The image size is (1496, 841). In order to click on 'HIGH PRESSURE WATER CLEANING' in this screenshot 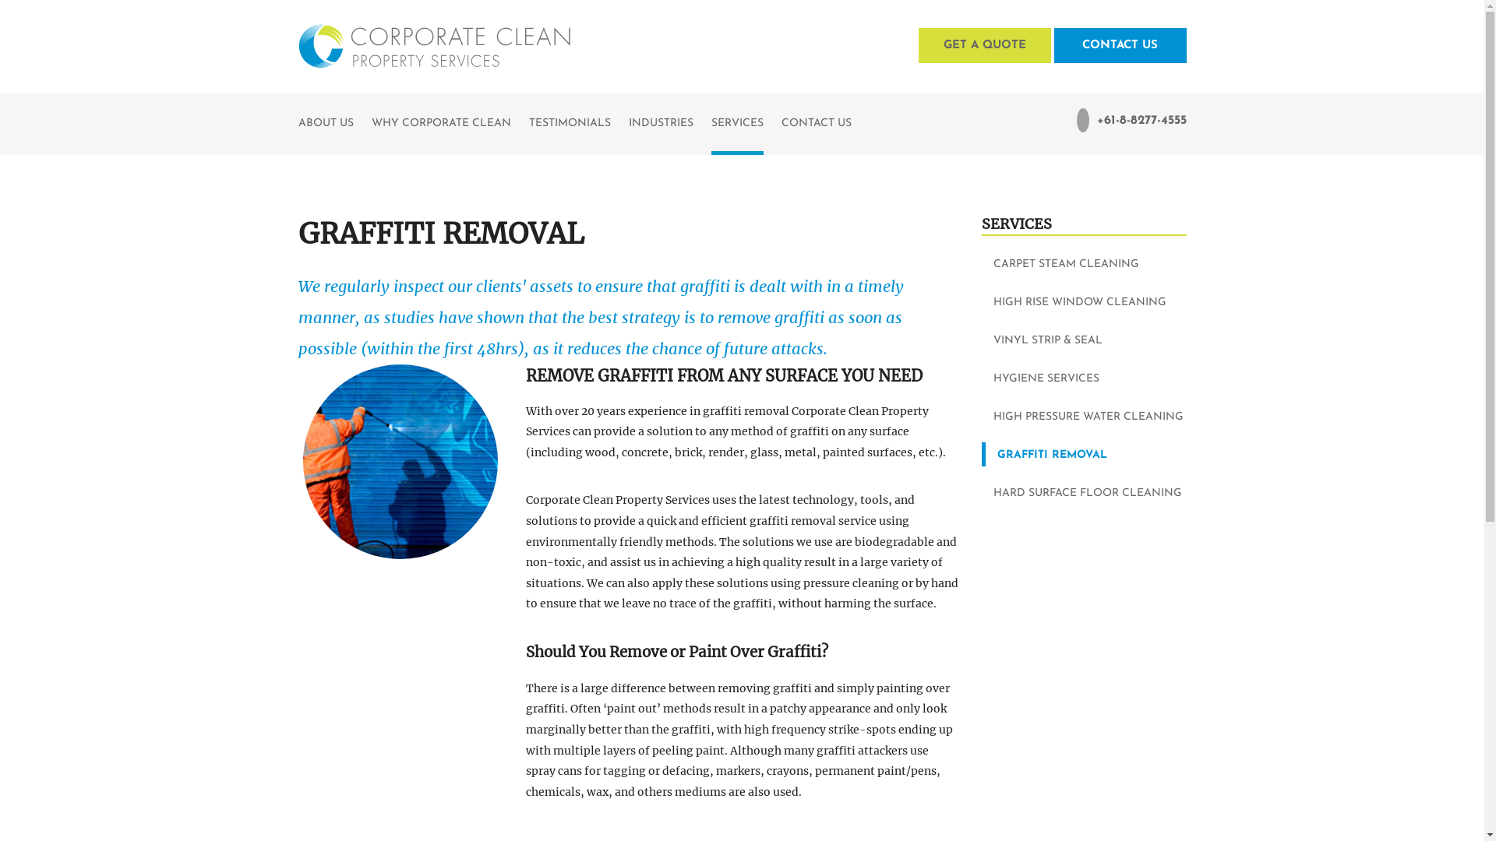, I will do `click(980, 415)`.